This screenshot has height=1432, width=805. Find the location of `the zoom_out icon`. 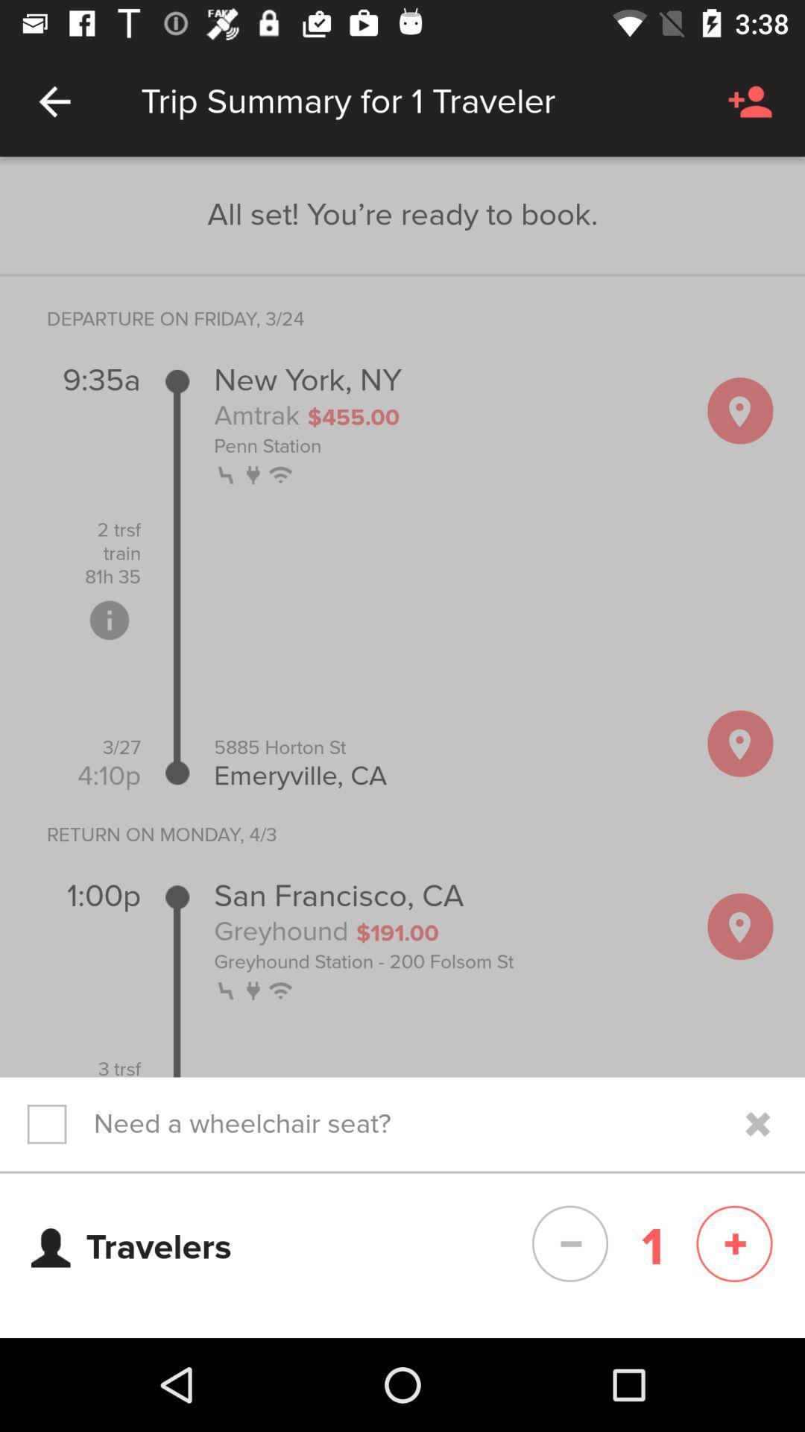

the zoom_out icon is located at coordinates (569, 1244).